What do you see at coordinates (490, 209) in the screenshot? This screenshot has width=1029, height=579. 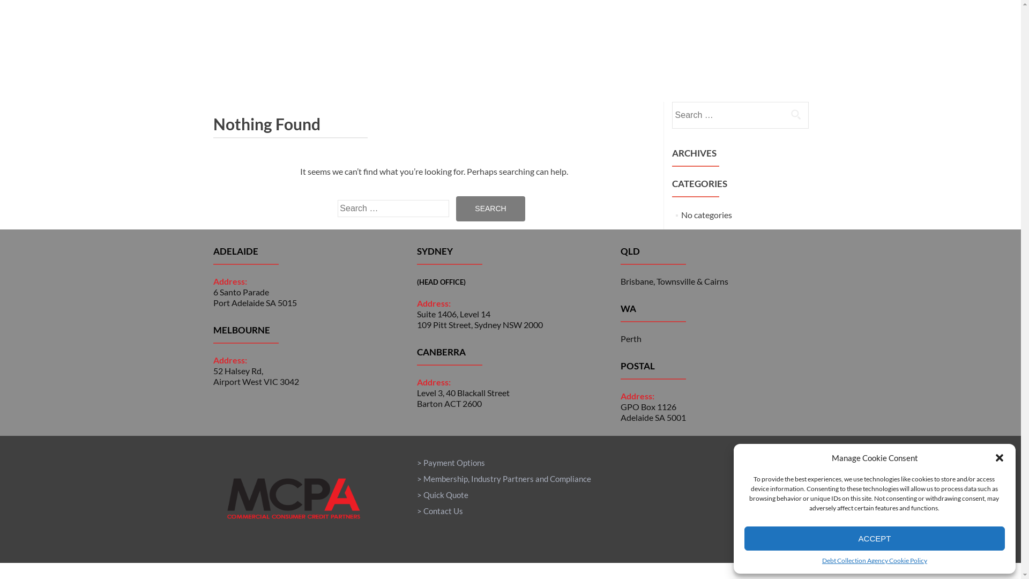 I see `'Search'` at bounding box center [490, 209].